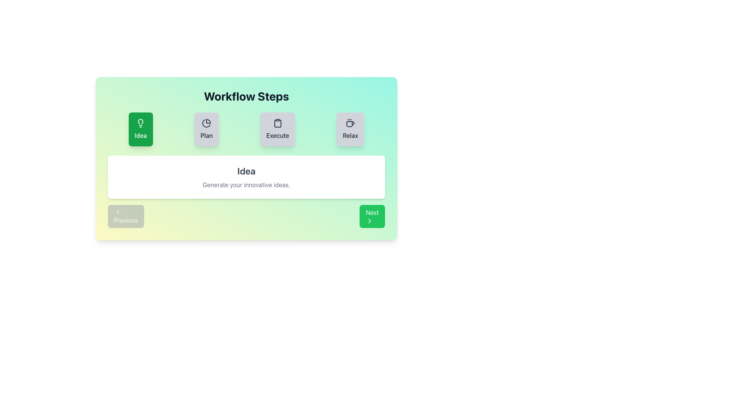  I want to click on the green rectangular button labeled 'Idea' with a light bulb icon, so click(141, 129).